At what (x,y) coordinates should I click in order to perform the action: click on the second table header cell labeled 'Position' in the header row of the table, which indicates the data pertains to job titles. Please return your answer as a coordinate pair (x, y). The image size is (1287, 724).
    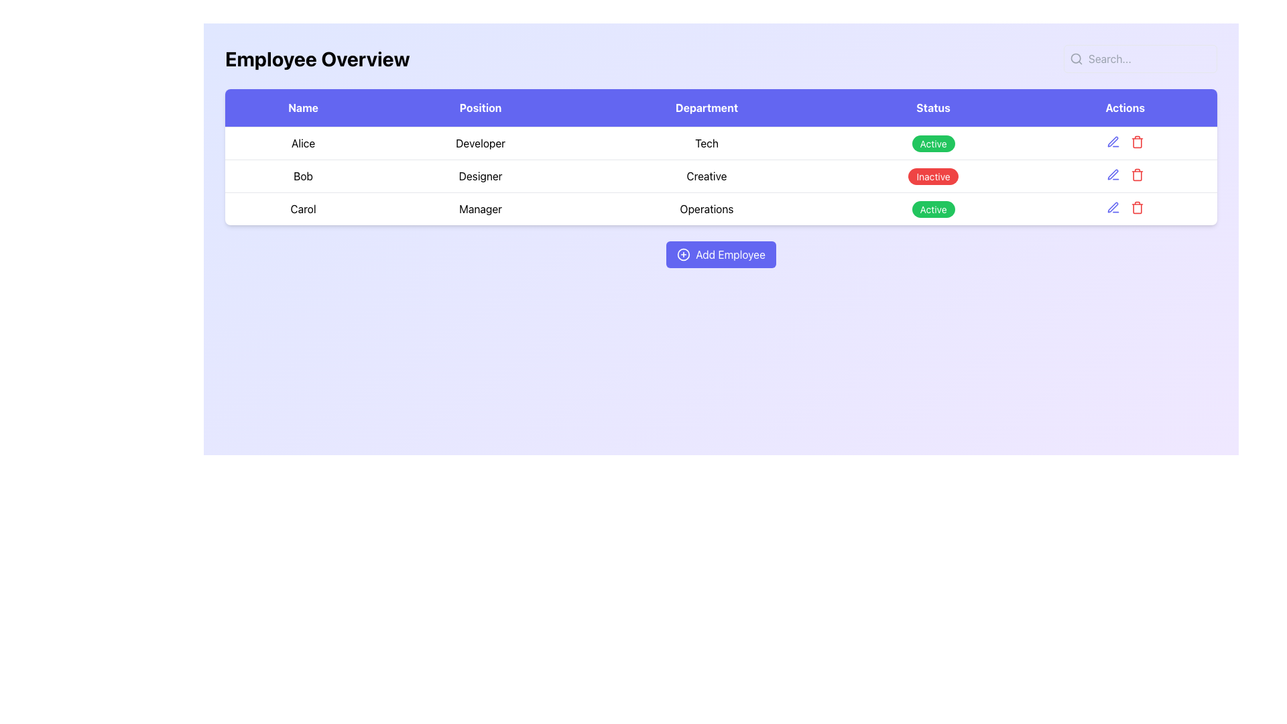
    Looking at the image, I should click on (481, 107).